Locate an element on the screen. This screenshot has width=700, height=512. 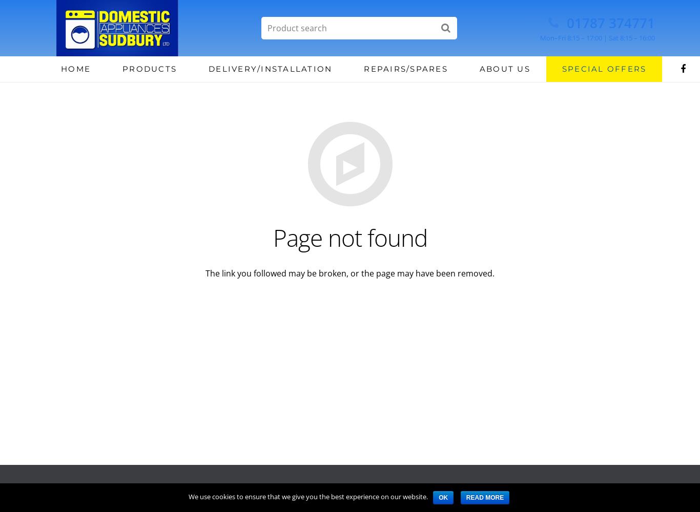
'Repairs/Spares' is located at coordinates (405, 69).